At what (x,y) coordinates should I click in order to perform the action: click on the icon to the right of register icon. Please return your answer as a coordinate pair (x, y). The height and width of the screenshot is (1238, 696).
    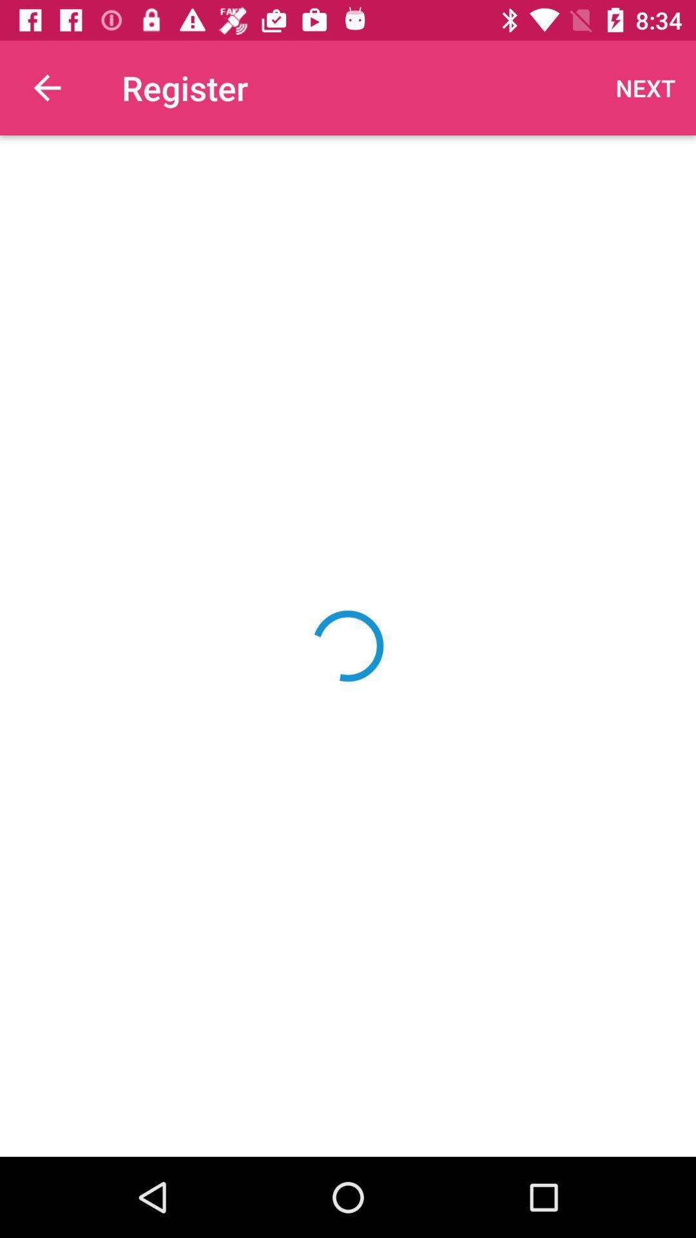
    Looking at the image, I should click on (646, 87).